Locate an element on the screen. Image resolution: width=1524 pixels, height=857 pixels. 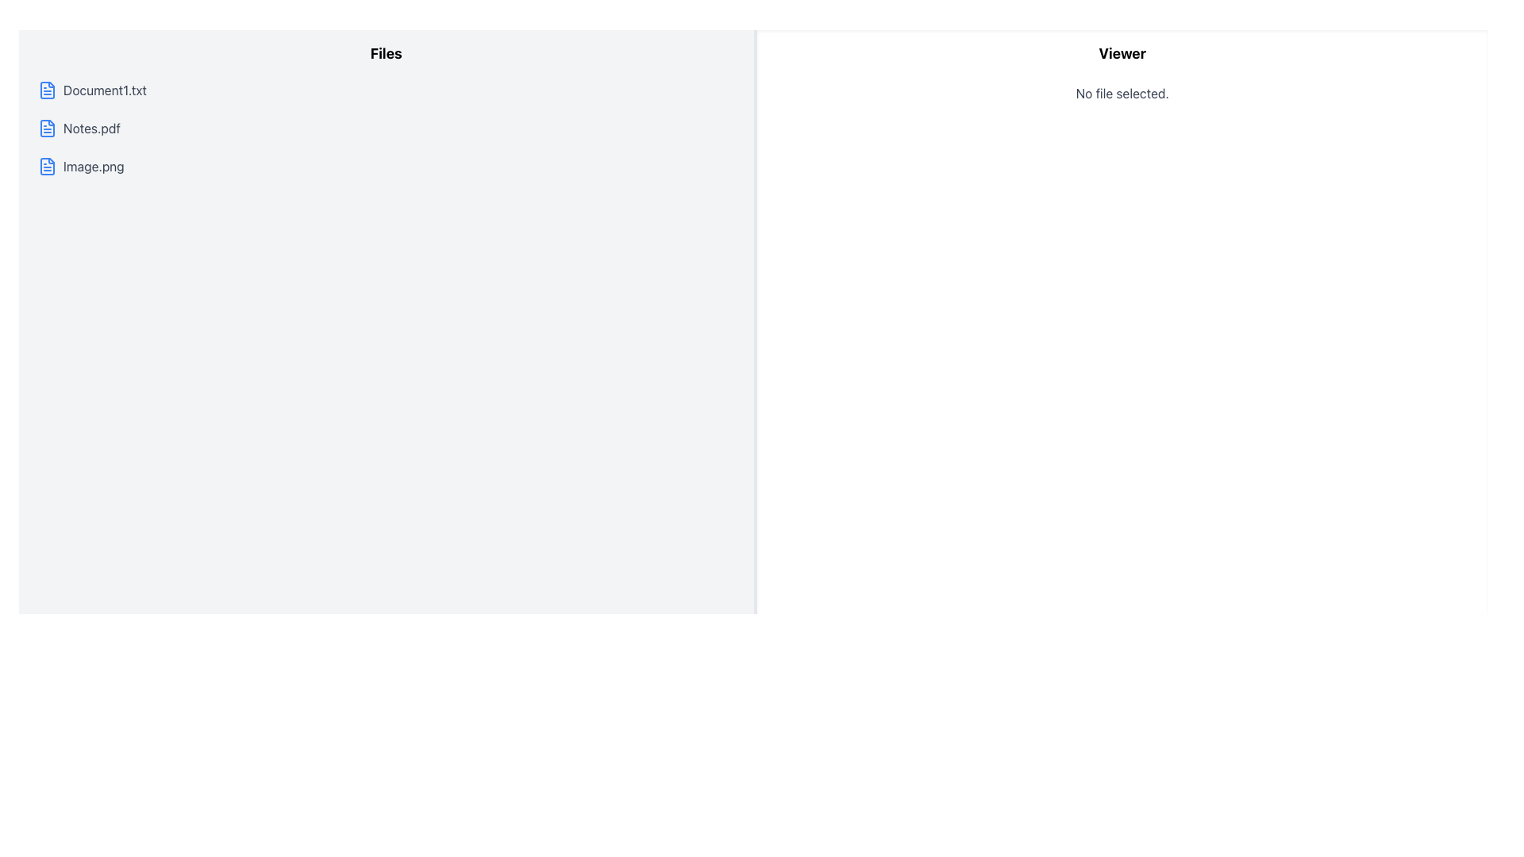
the heading element located at the top of the right-hand white panel, which emphasizes the viewer section's purpose, directly above the text 'No file selected.' is located at coordinates (1122, 53).